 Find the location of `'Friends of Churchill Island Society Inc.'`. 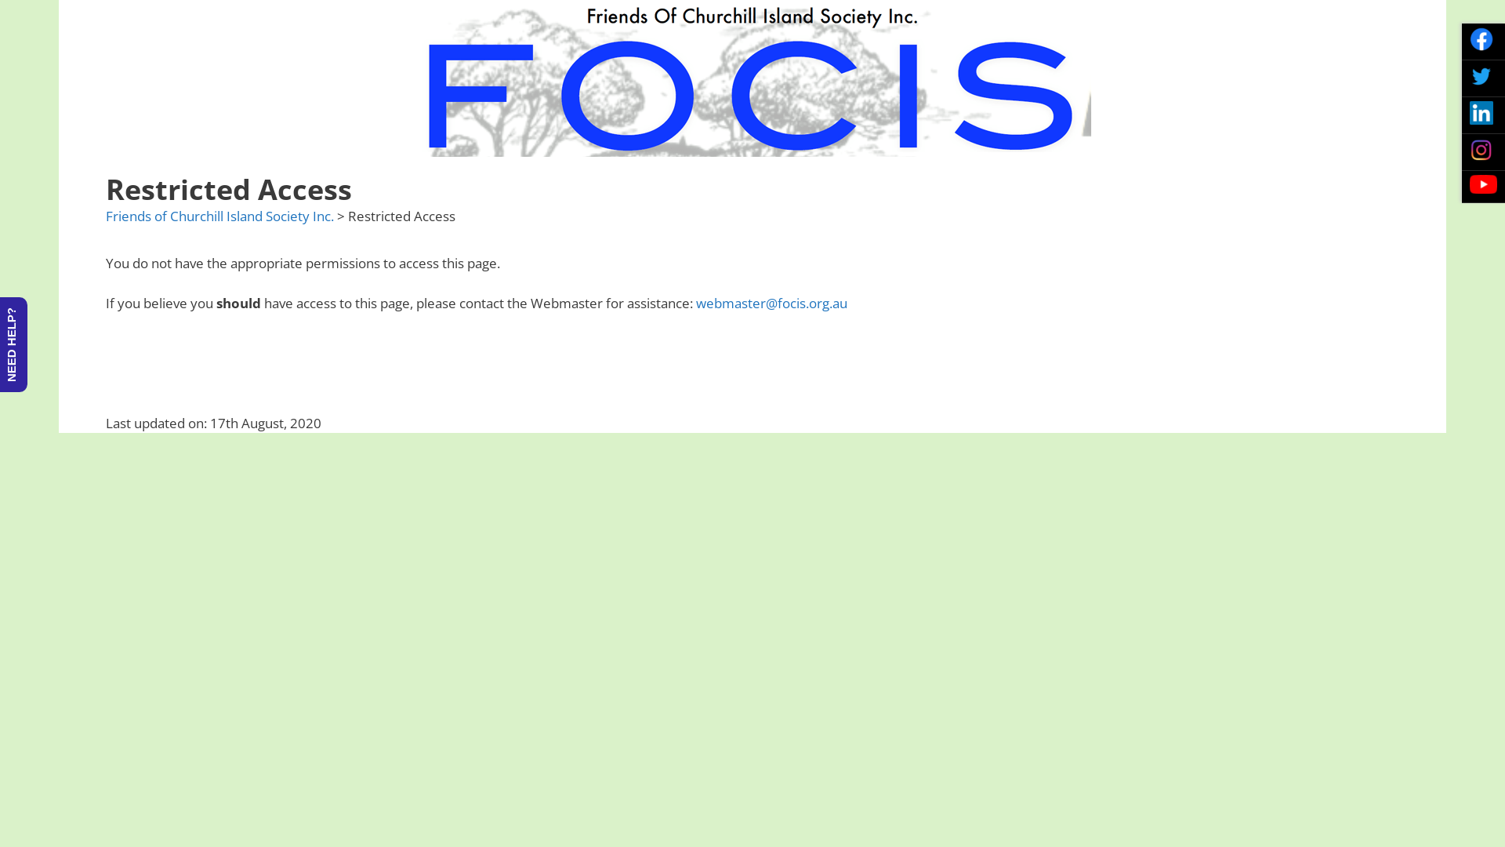

'Friends of Churchill Island Society Inc.' is located at coordinates (219, 216).